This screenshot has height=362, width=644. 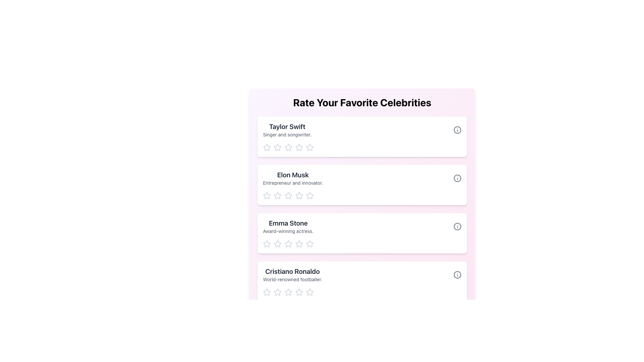 I want to click on the second star in the rating section for 'Taylor Swift - Singer and songwriter' to provide a rating, so click(x=299, y=147).